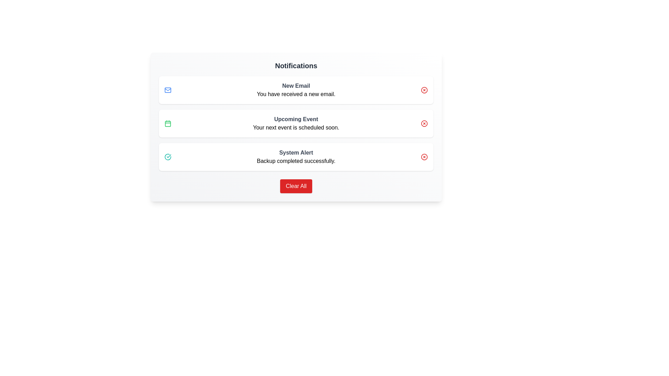 The width and height of the screenshot is (669, 376). I want to click on text from the 'Upcoming Event' notification block, which contains bolded text and additional details about the next scheduled event, so click(296, 123).